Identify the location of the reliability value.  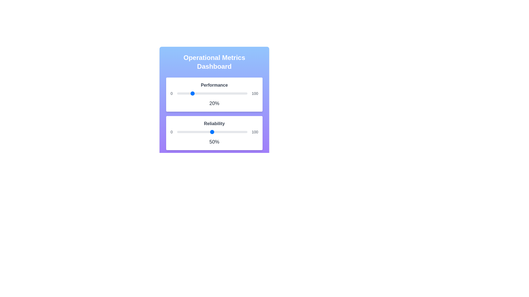
(210, 132).